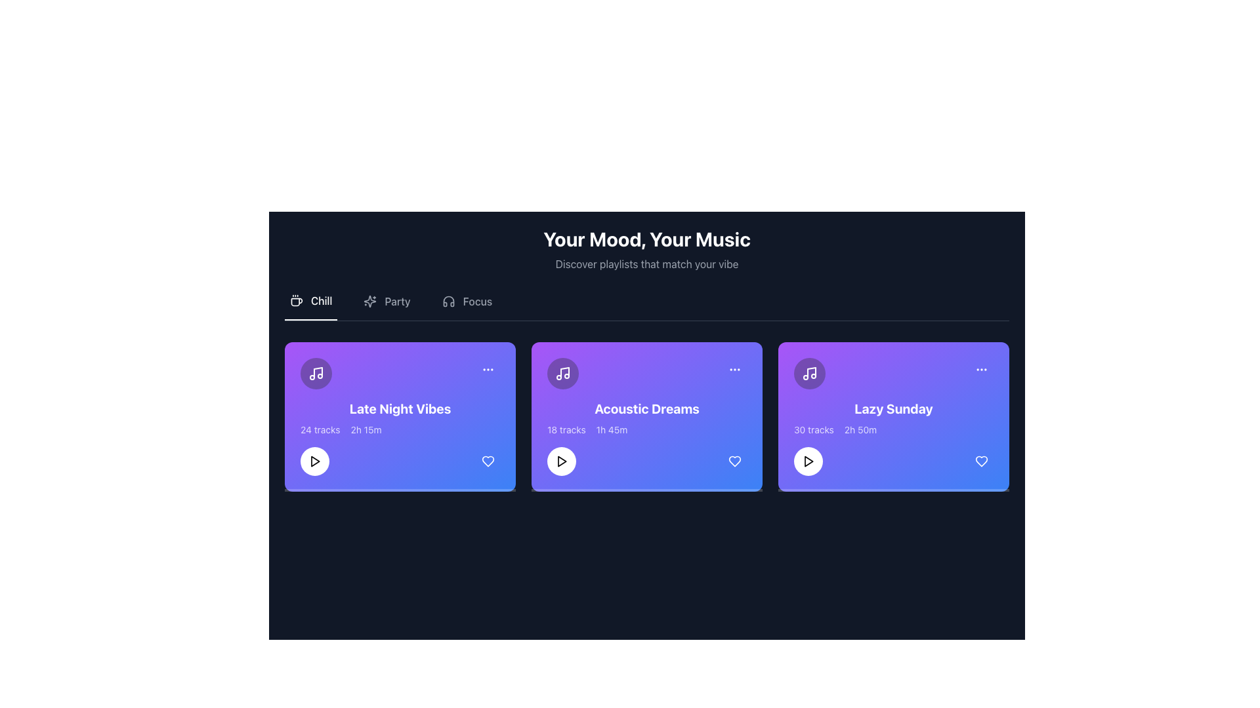 This screenshot has height=708, width=1260. What do you see at coordinates (734, 461) in the screenshot?
I see `the heart-shaped SVG icon located at the bottom-right corner of the 'Acoustic Dreams' card` at bounding box center [734, 461].